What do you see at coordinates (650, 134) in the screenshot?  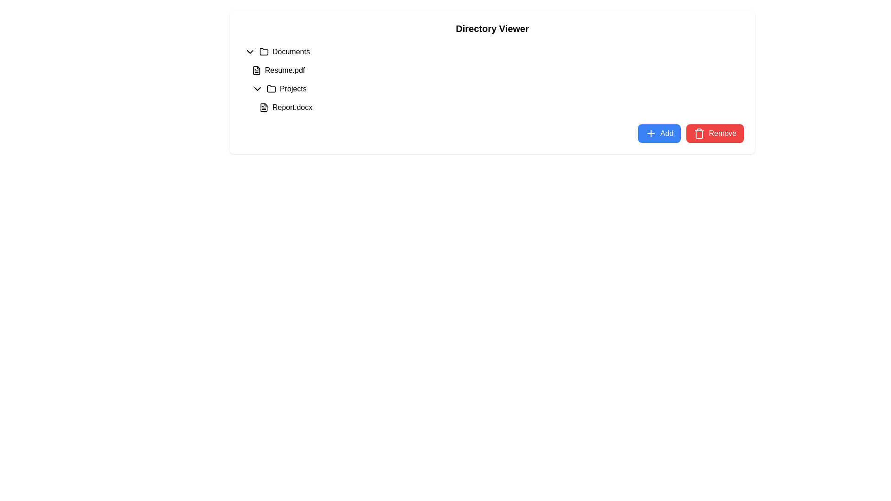 I see `the SVG Icon representing the action of adding, located at the center left of the 'Add' button adjacent to the text label` at bounding box center [650, 134].